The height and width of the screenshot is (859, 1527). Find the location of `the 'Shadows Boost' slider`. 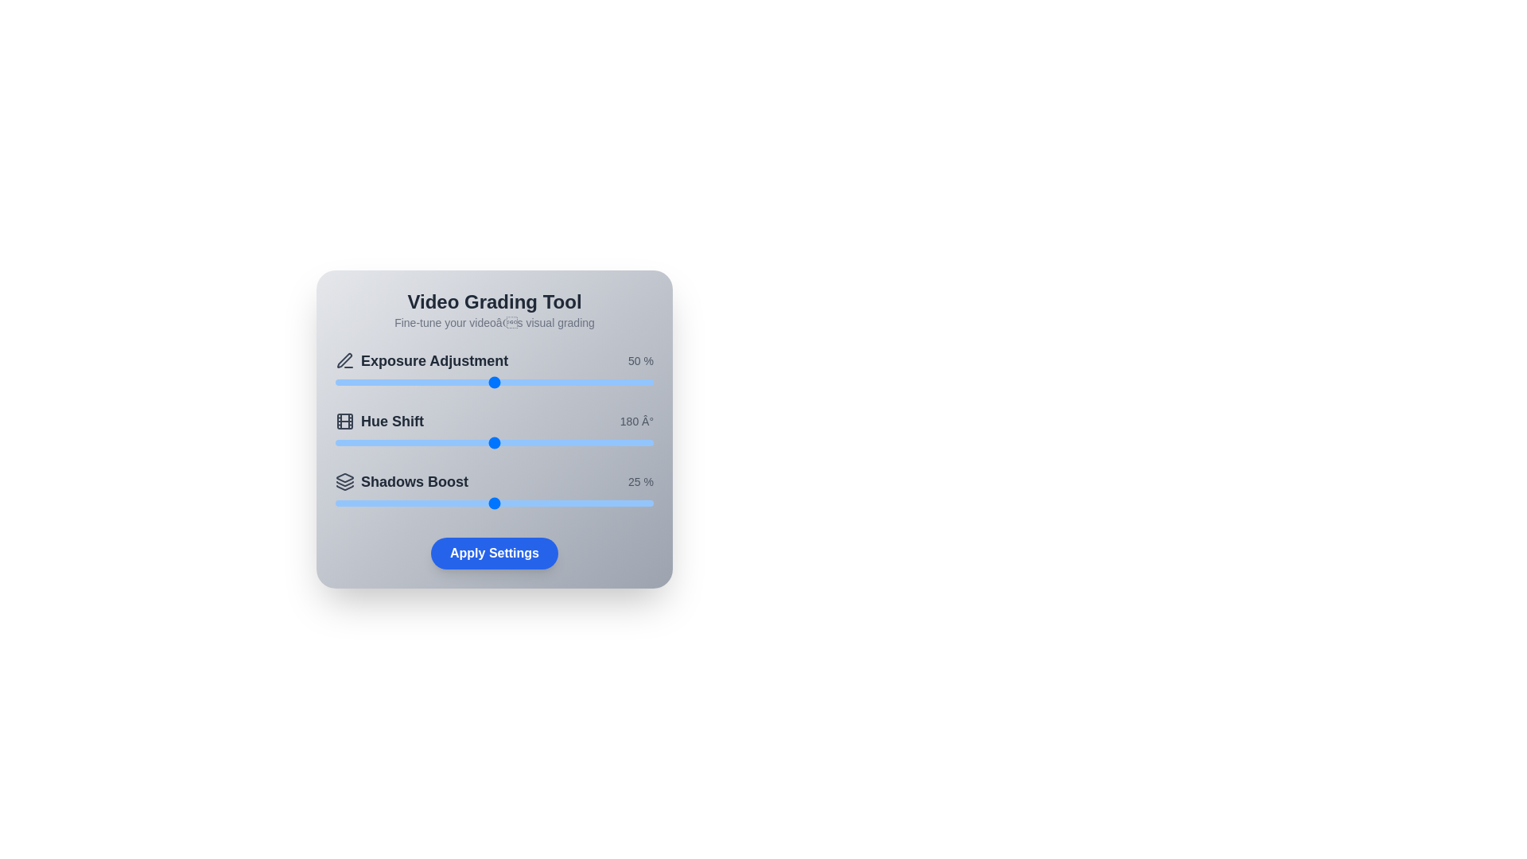

the 'Shadows Boost' slider is located at coordinates (628, 503).